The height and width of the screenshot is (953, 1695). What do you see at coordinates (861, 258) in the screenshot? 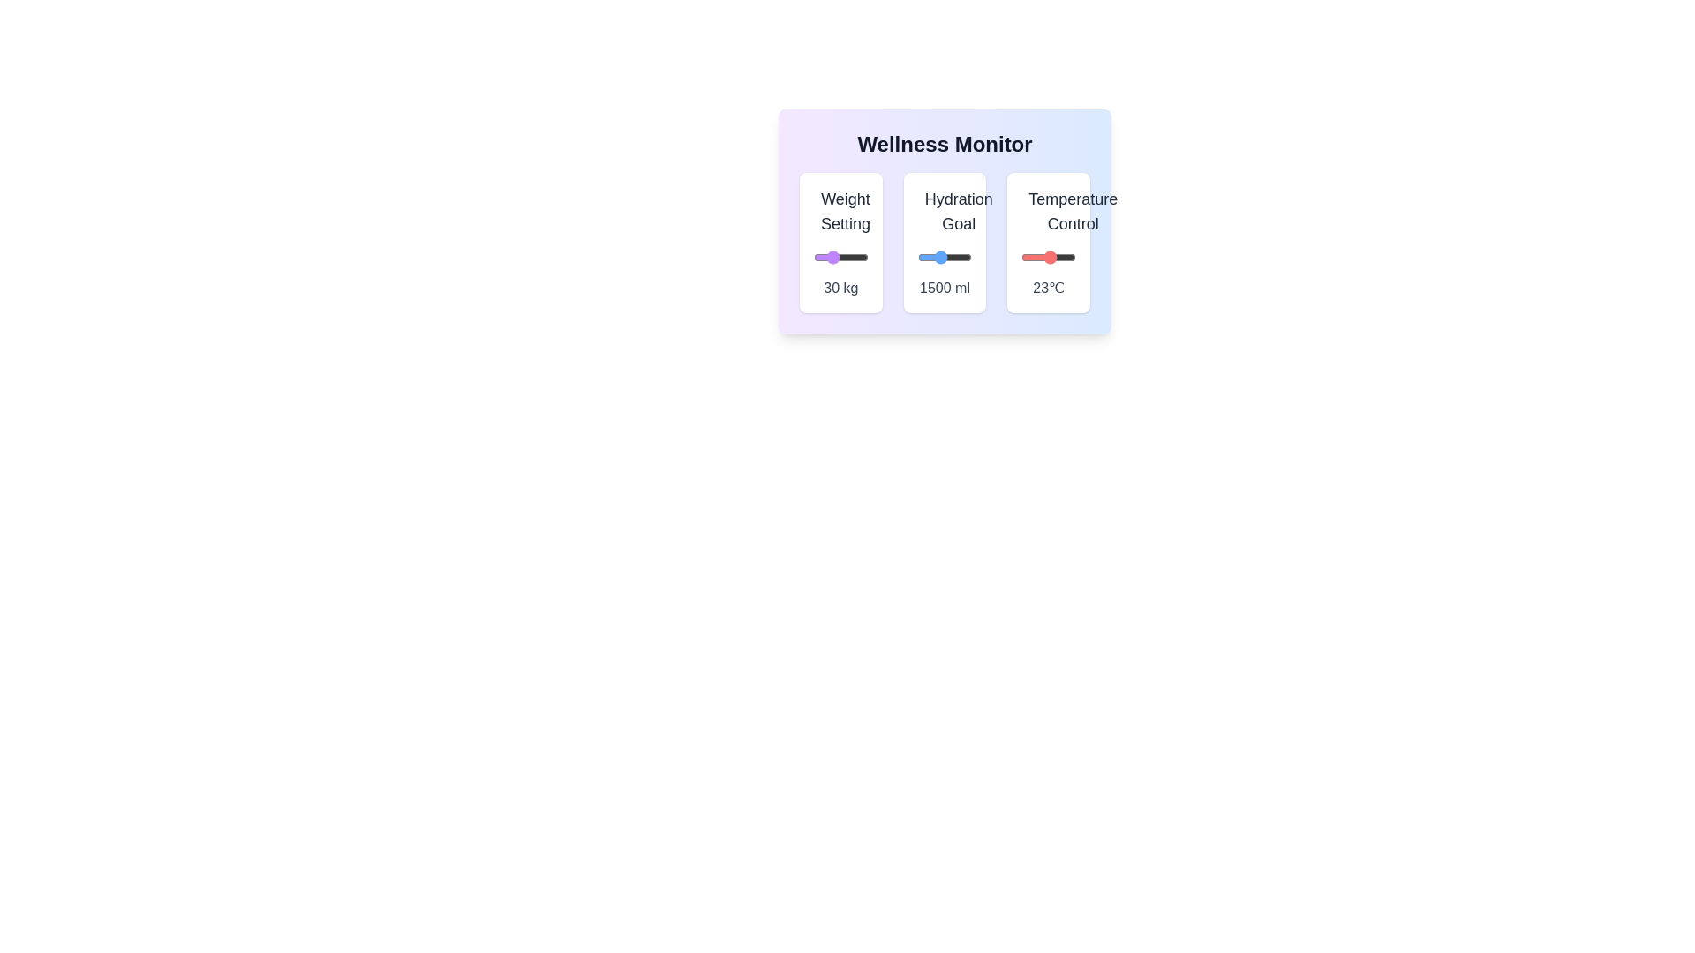
I see `weight` at bounding box center [861, 258].